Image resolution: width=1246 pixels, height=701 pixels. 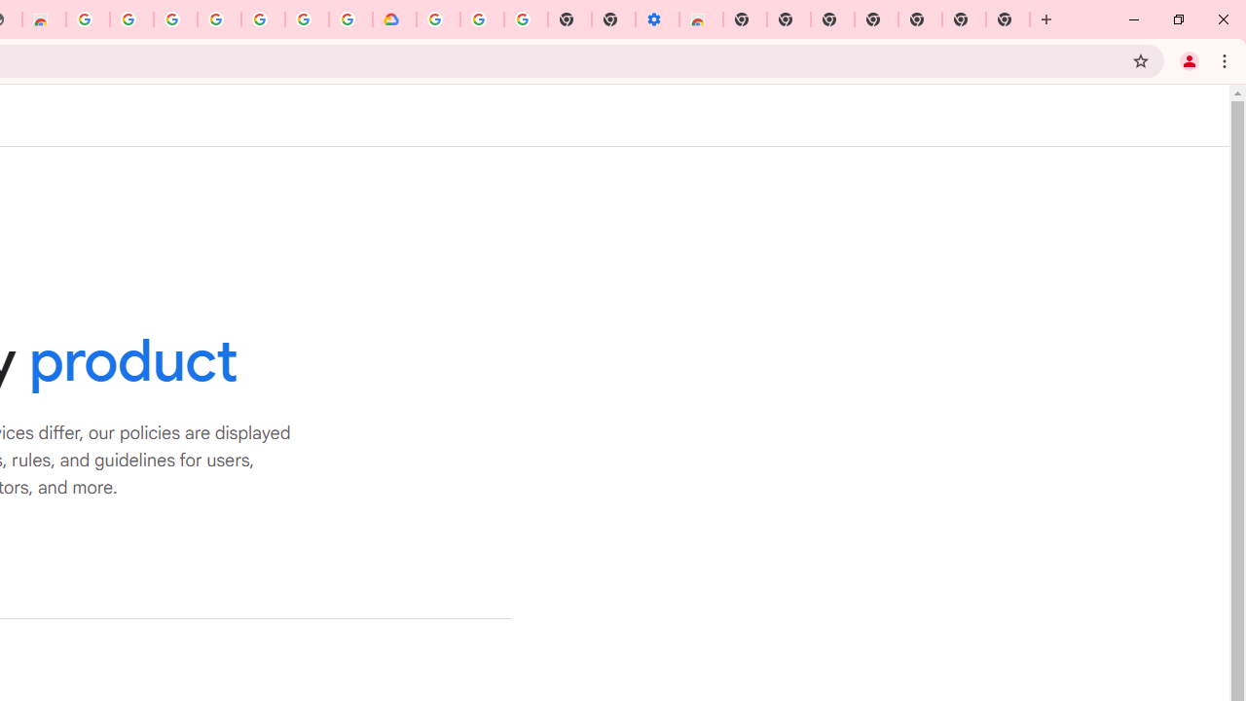 What do you see at coordinates (130, 19) in the screenshot?
I see `'Ad Settings'` at bounding box center [130, 19].